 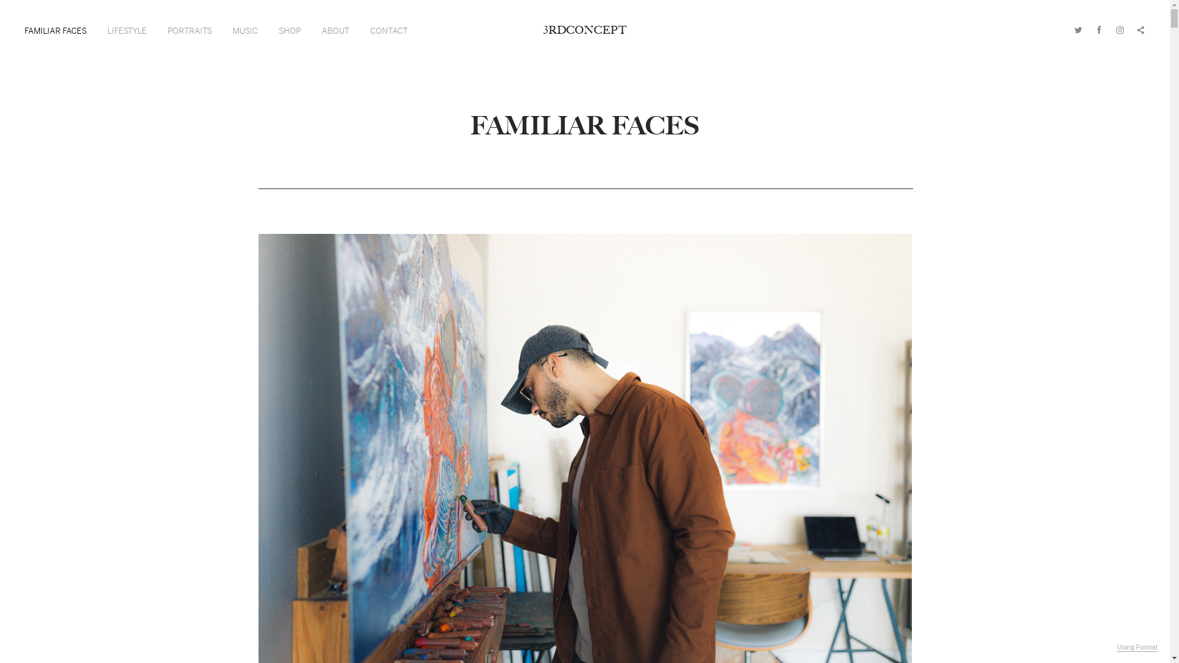 I want to click on 'Facebook', so click(x=1099, y=29).